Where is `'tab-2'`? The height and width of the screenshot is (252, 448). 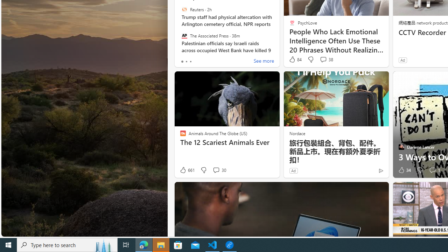
'tab-2' is located at coordinates (190, 61).